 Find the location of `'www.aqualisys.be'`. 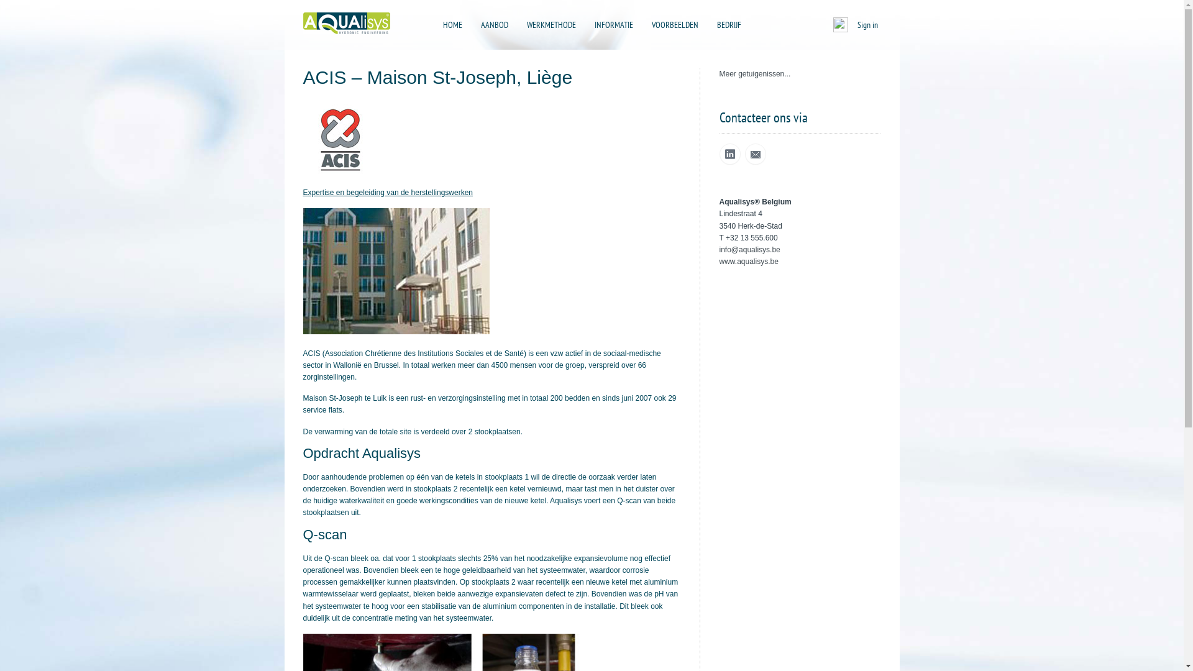

'www.aqualisys.be' is located at coordinates (748, 260).